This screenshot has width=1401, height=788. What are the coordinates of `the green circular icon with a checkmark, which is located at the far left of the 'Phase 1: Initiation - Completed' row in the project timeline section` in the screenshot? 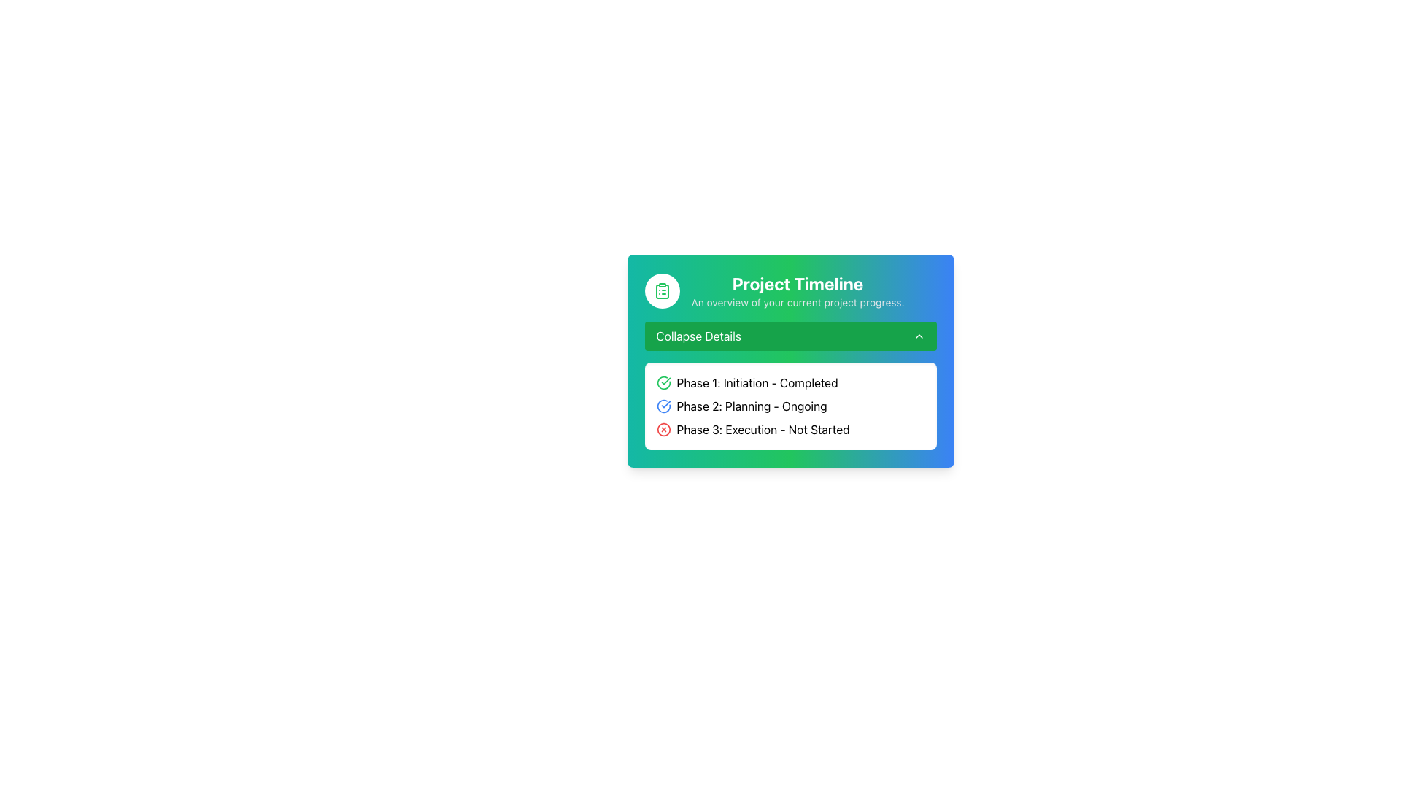 It's located at (663, 382).